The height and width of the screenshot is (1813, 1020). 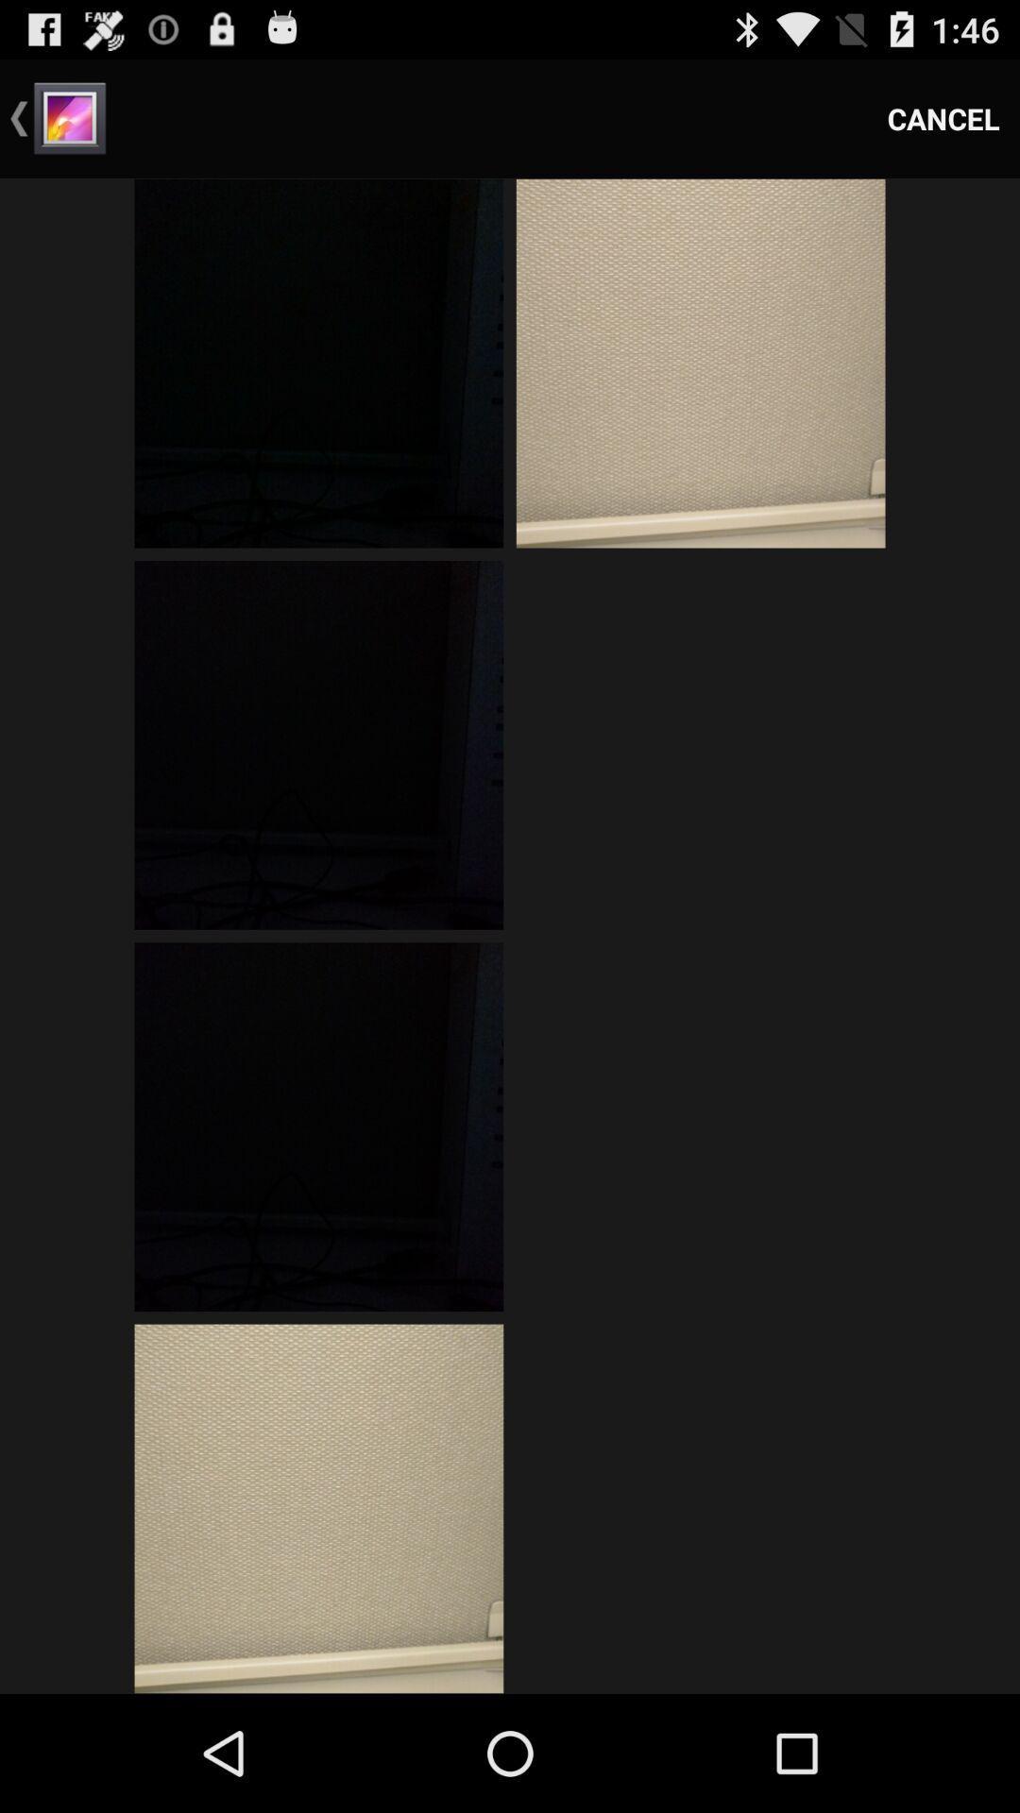 What do you see at coordinates (943, 117) in the screenshot?
I see `icon at the top right corner` at bounding box center [943, 117].